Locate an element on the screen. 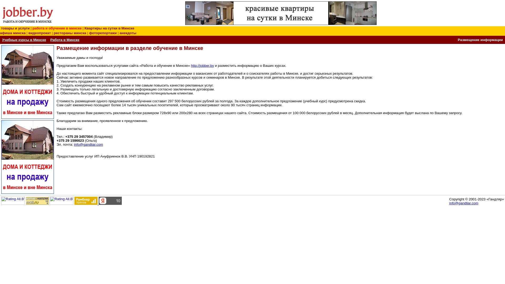 The image size is (505, 284). 'http://jobber.by' is located at coordinates (202, 65).